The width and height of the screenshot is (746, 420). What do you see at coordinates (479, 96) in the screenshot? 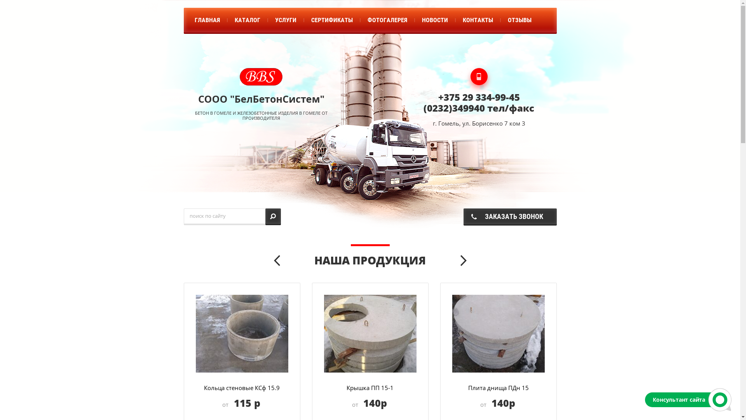
I see `'+375 29 334-99-45'` at bounding box center [479, 96].